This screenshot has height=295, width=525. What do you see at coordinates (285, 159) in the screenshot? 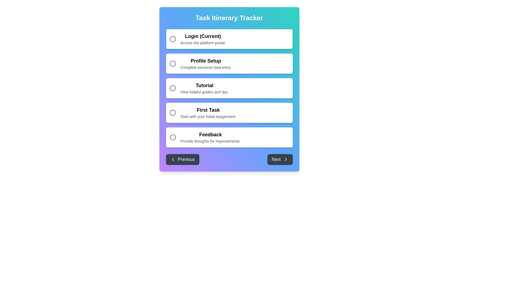
I see `the chevron icon located to the right of the 'Next' button at the bottom-right corner of the interface` at bounding box center [285, 159].